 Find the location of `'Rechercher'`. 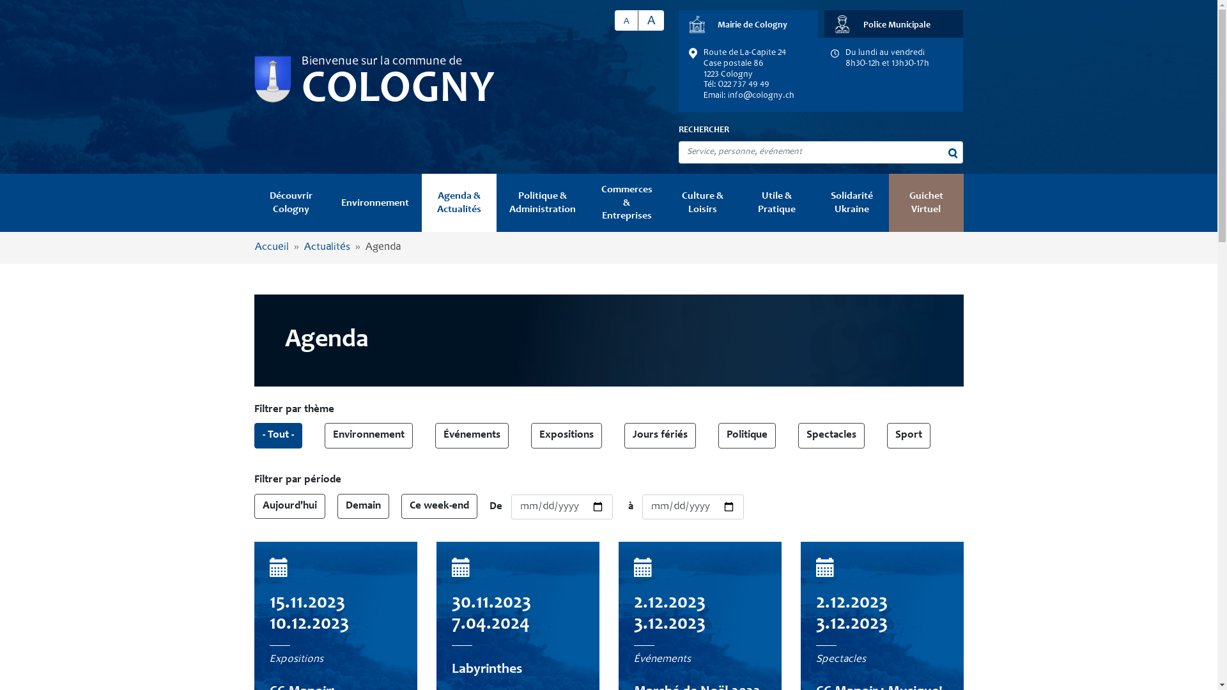

'Rechercher' is located at coordinates (953, 152).